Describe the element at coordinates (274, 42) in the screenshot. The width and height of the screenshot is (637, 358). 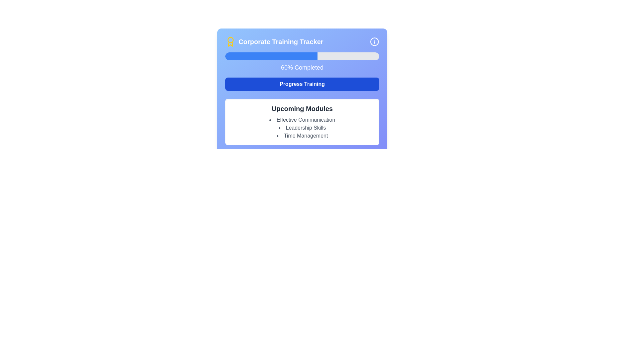
I see `the Text Label with Icon that serves as the title for the corporate training tracking section` at that location.